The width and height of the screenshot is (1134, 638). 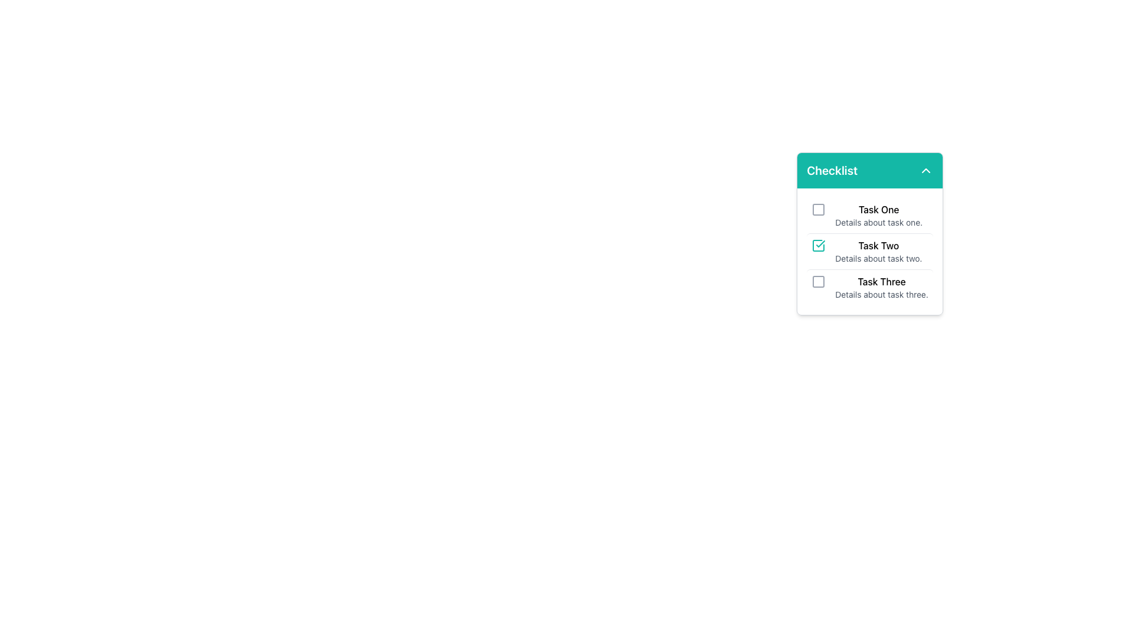 What do you see at coordinates (870, 216) in the screenshot?
I see `keyboard navigation` at bounding box center [870, 216].